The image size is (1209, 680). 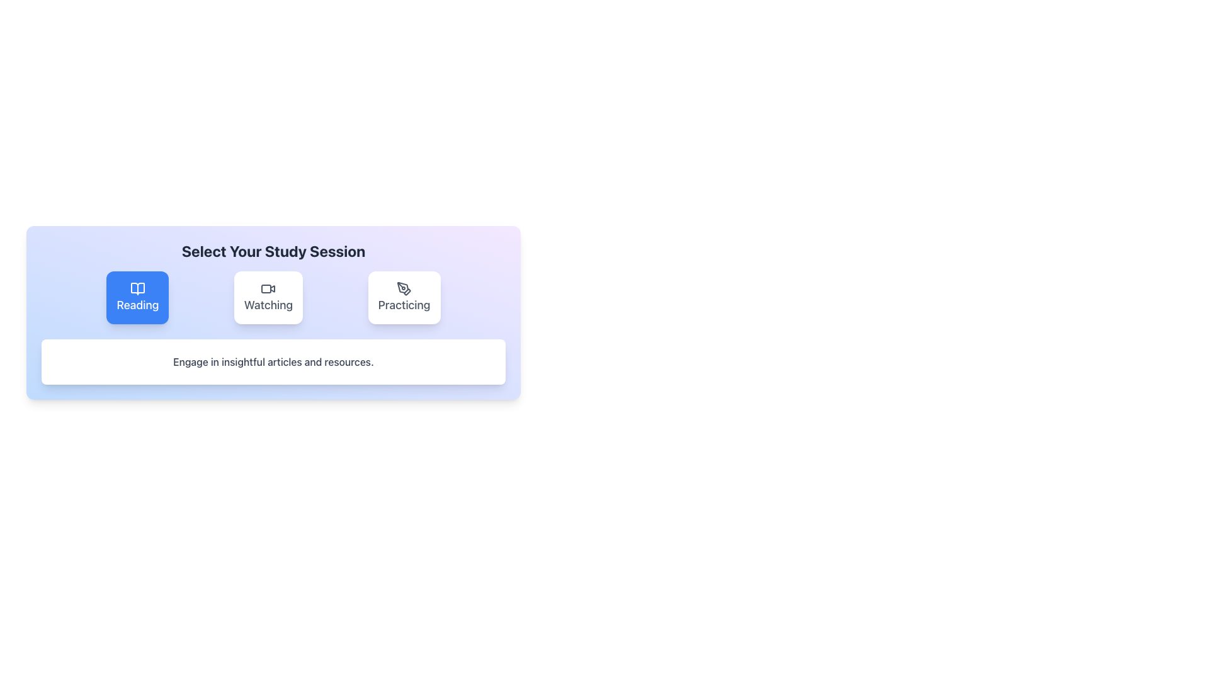 I want to click on the 'Practicing' button, which is the third button in a group of three buttons for study activities, so click(x=404, y=298).